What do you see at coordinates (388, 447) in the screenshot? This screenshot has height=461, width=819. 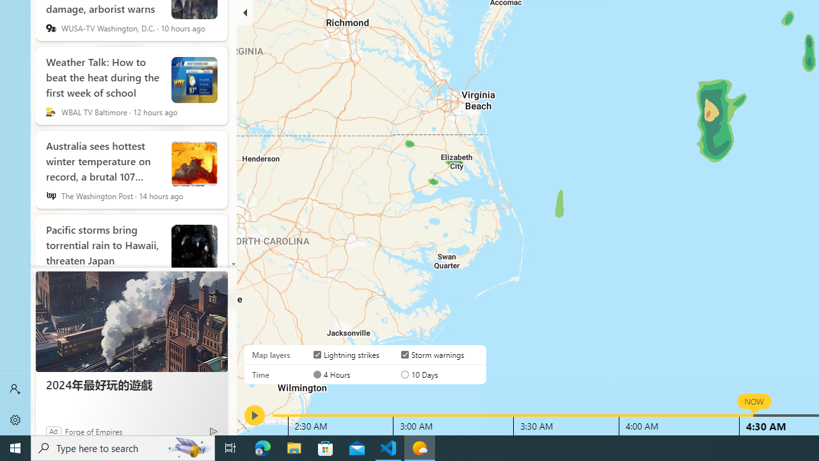 I see `'Visual Studio Code - 1 running window'` at bounding box center [388, 447].